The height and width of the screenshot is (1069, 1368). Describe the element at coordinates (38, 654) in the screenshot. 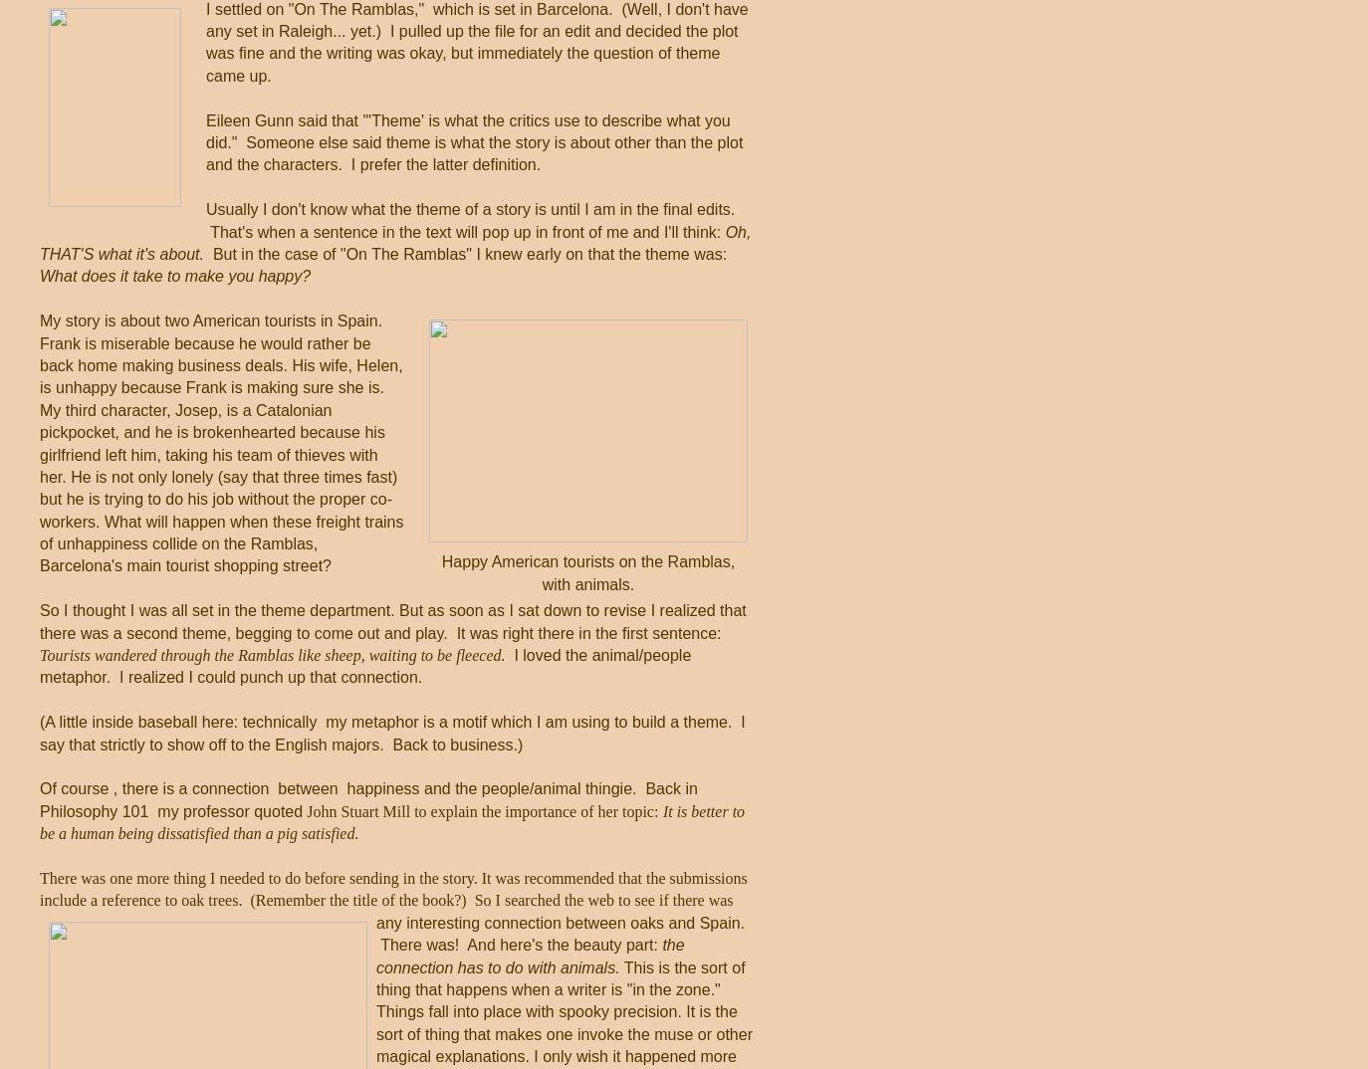

I see `'Tourists wandered through the Ramblas like
sheep, waiting to be fleeced.'` at that location.